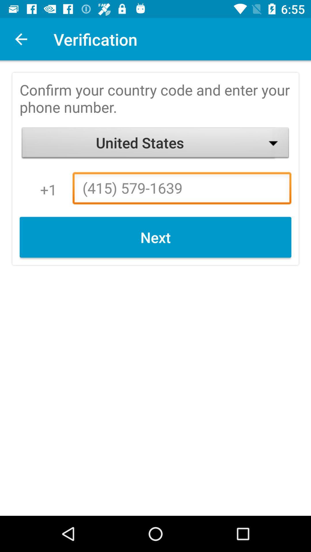 This screenshot has height=552, width=311. Describe the element at coordinates (155, 144) in the screenshot. I see `item above (415) 579-1639 item` at that location.